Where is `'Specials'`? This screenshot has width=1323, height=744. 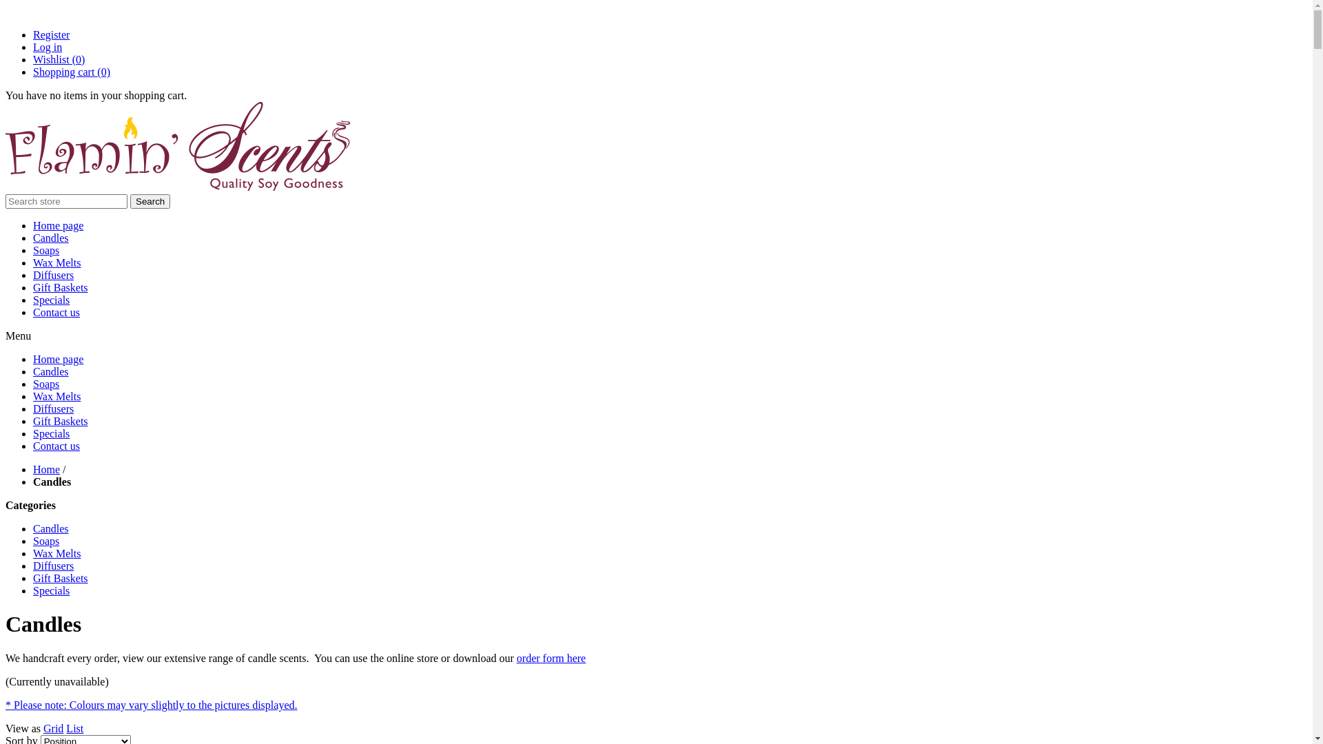
'Specials' is located at coordinates (33, 433).